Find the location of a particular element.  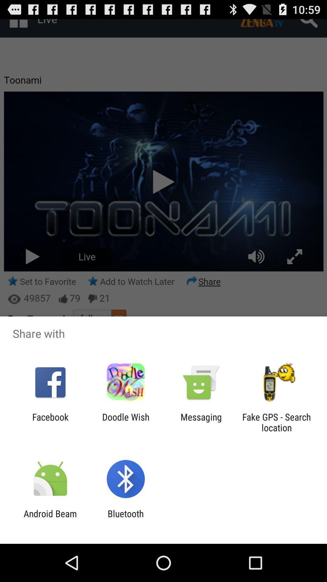

android beam app is located at coordinates (50, 519).